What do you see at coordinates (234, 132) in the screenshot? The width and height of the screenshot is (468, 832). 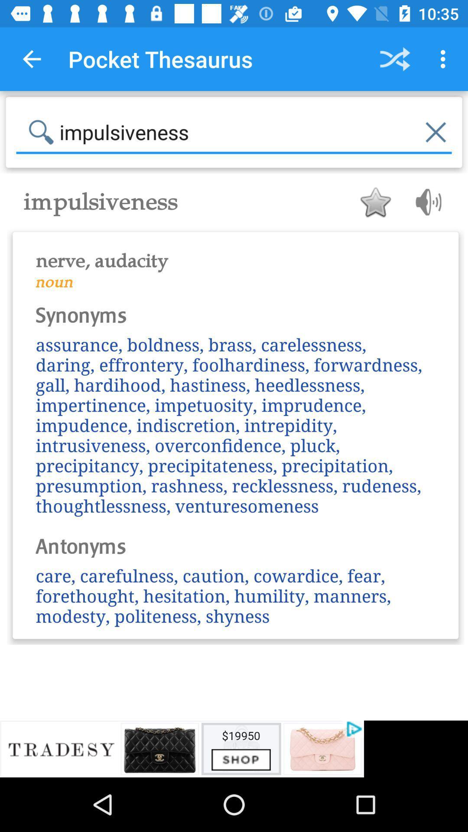 I see `search bar` at bounding box center [234, 132].